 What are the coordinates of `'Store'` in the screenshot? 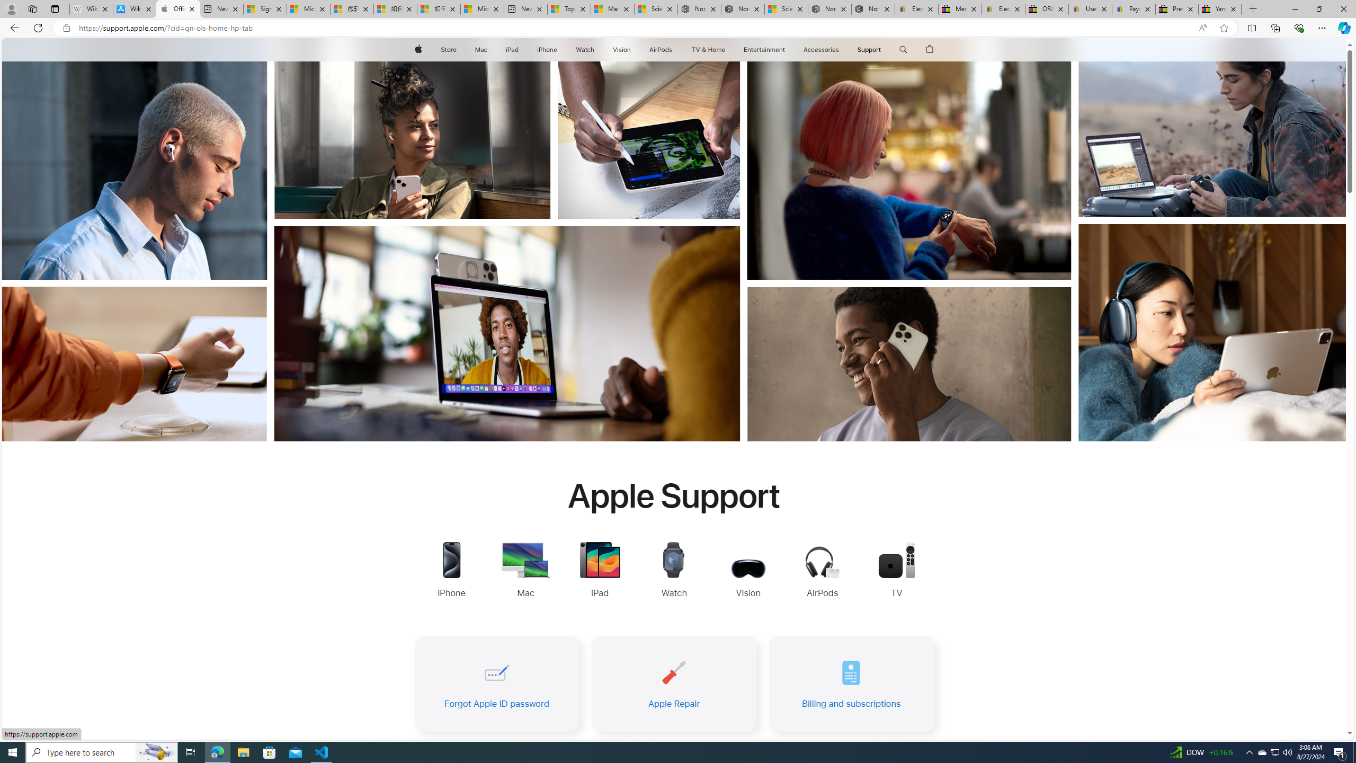 It's located at (448, 49).